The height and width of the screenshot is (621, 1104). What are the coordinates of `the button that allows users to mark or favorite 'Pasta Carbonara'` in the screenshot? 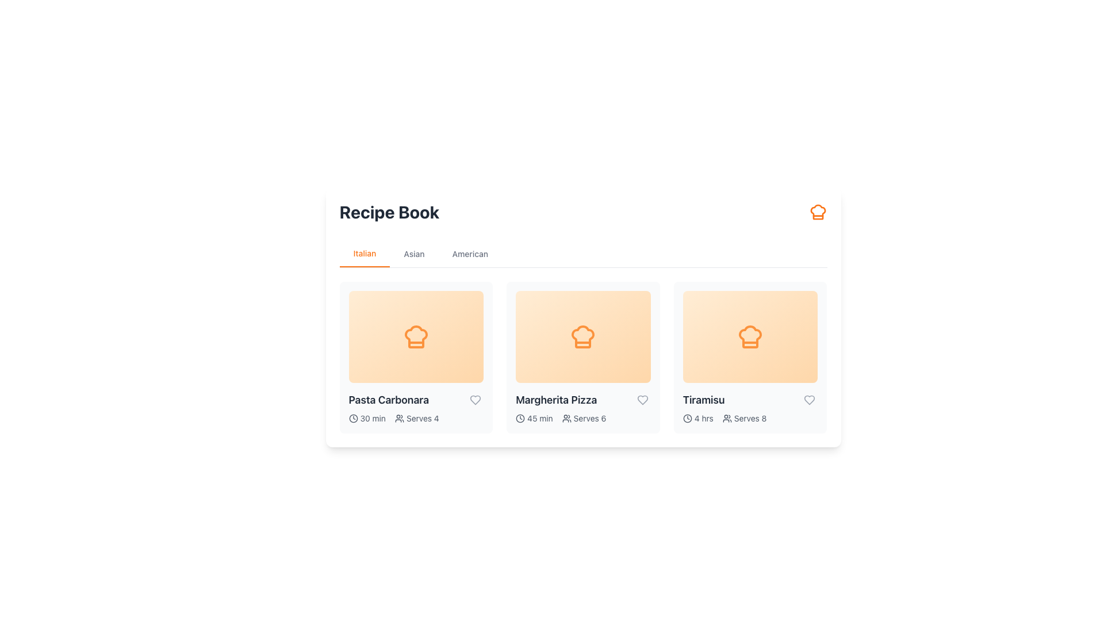 It's located at (476, 399).